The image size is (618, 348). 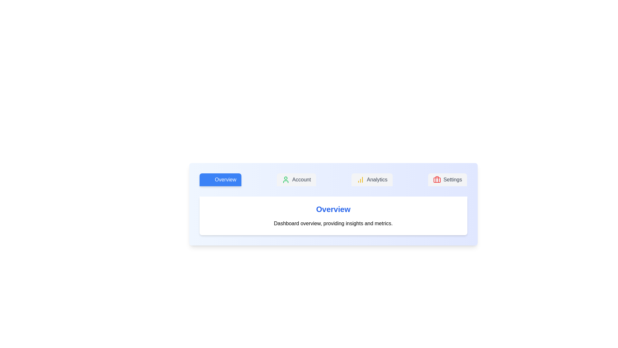 I want to click on the tab labeled Settings, so click(x=447, y=180).